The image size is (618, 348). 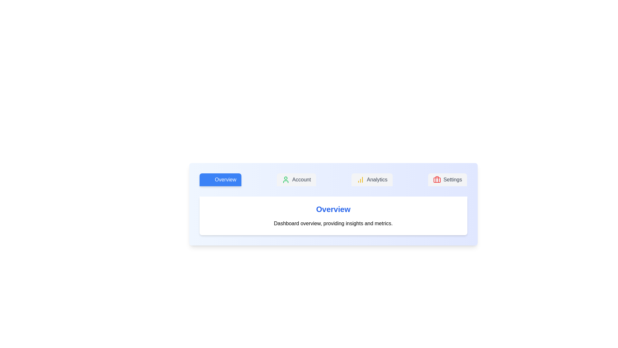 I want to click on the tab labeled Settings, so click(x=447, y=180).